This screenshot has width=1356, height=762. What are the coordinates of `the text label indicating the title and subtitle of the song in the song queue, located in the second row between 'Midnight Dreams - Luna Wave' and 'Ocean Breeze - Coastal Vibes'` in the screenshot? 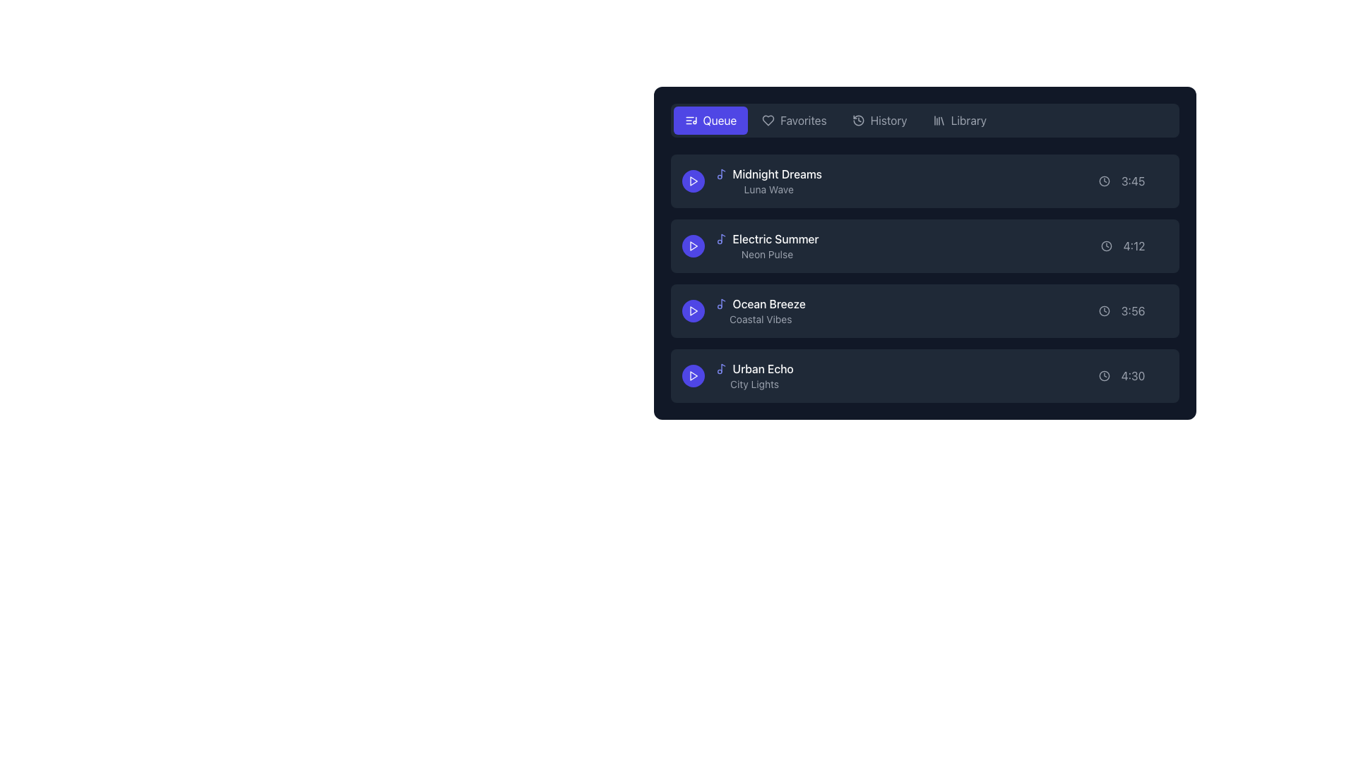 It's located at (749, 245).